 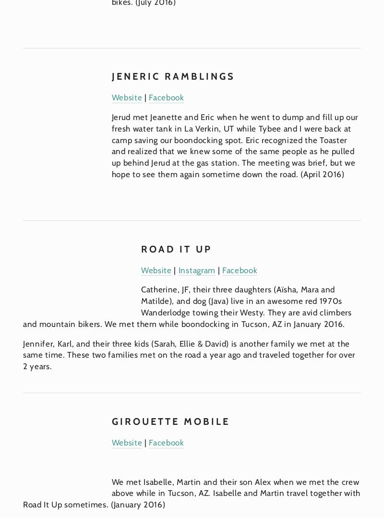 I want to click on 'JENERIC RAMBLINGS', so click(x=173, y=76).